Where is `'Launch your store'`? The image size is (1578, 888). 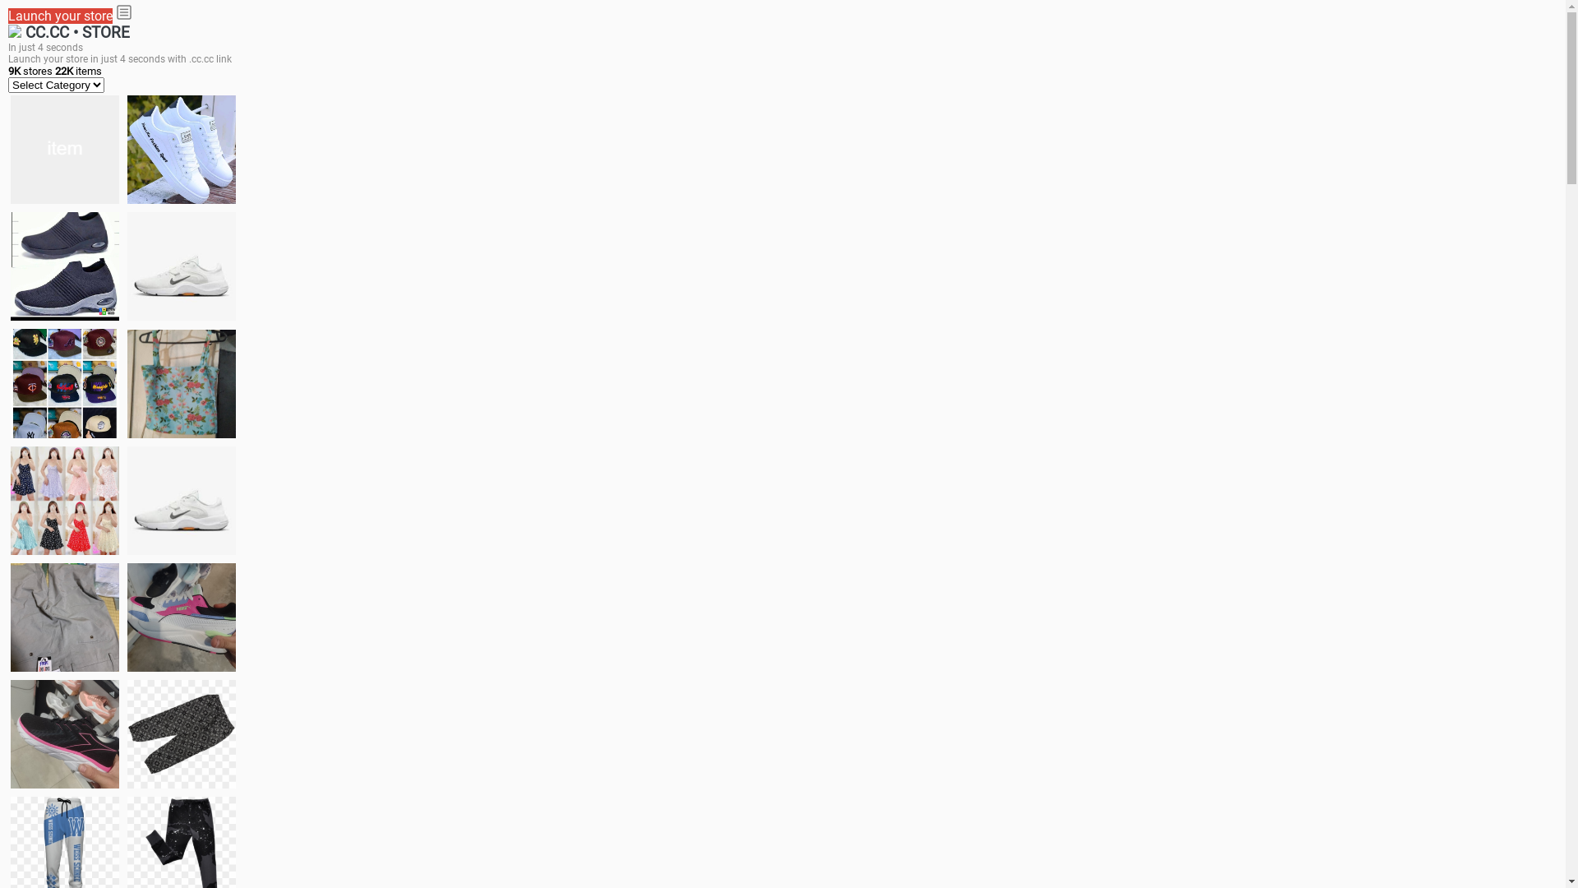
'Launch your store' is located at coordinates (60, 16).